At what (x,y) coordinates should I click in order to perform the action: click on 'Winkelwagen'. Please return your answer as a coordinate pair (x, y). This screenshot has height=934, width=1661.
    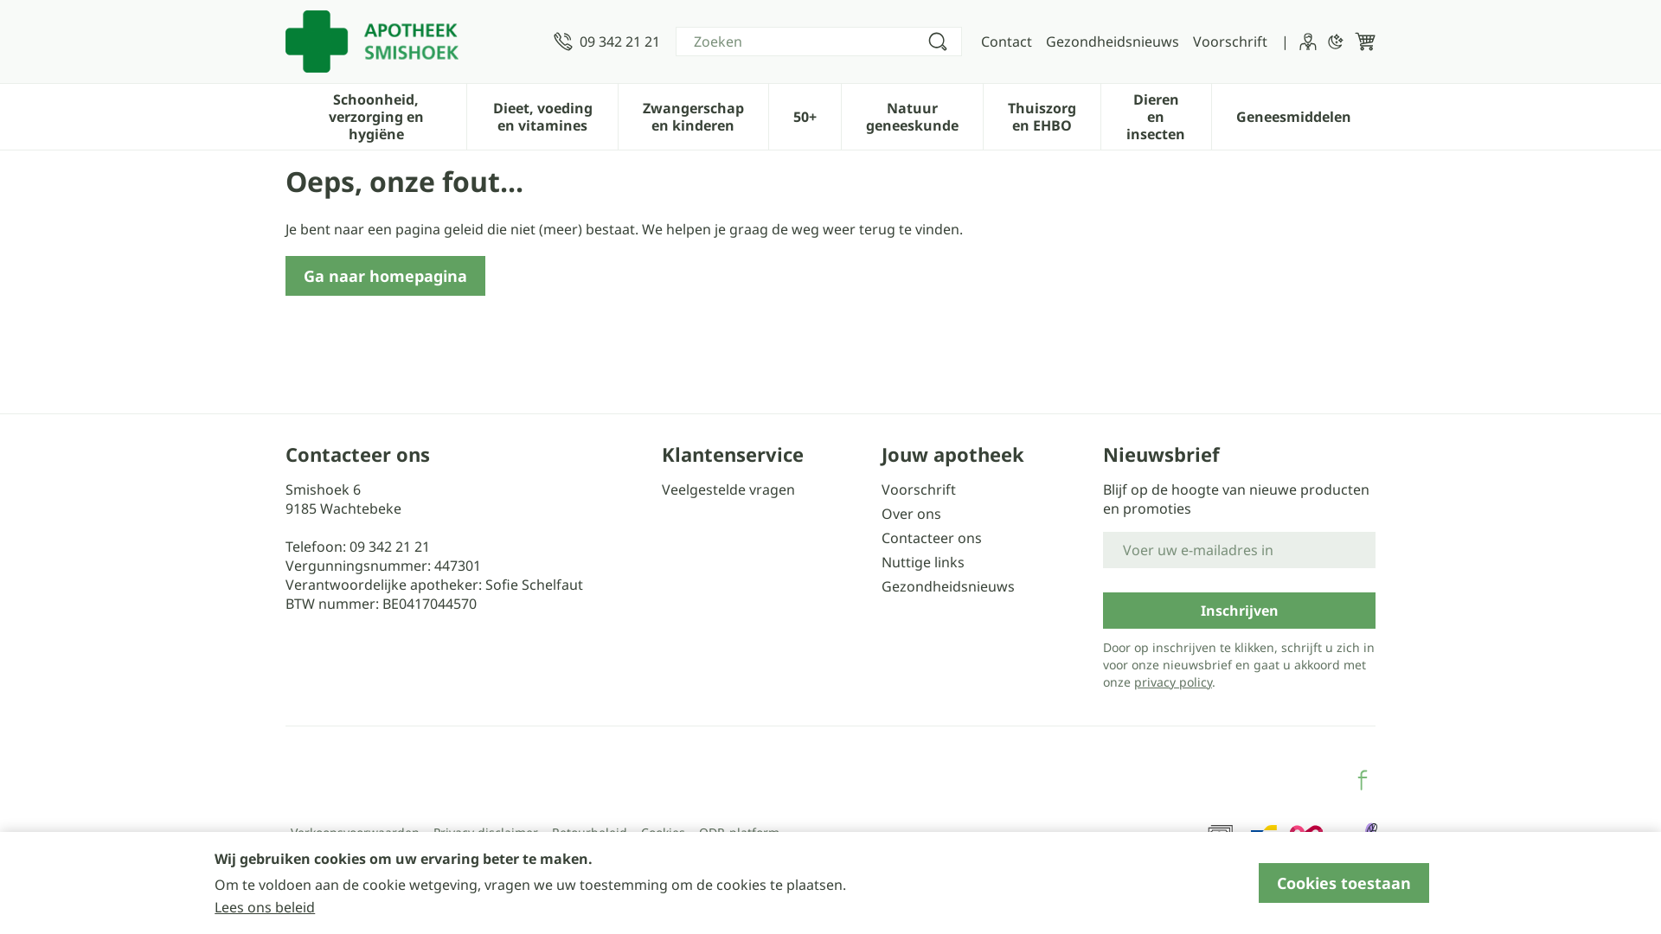
    Looking at the image, I should click on (1364, 40).